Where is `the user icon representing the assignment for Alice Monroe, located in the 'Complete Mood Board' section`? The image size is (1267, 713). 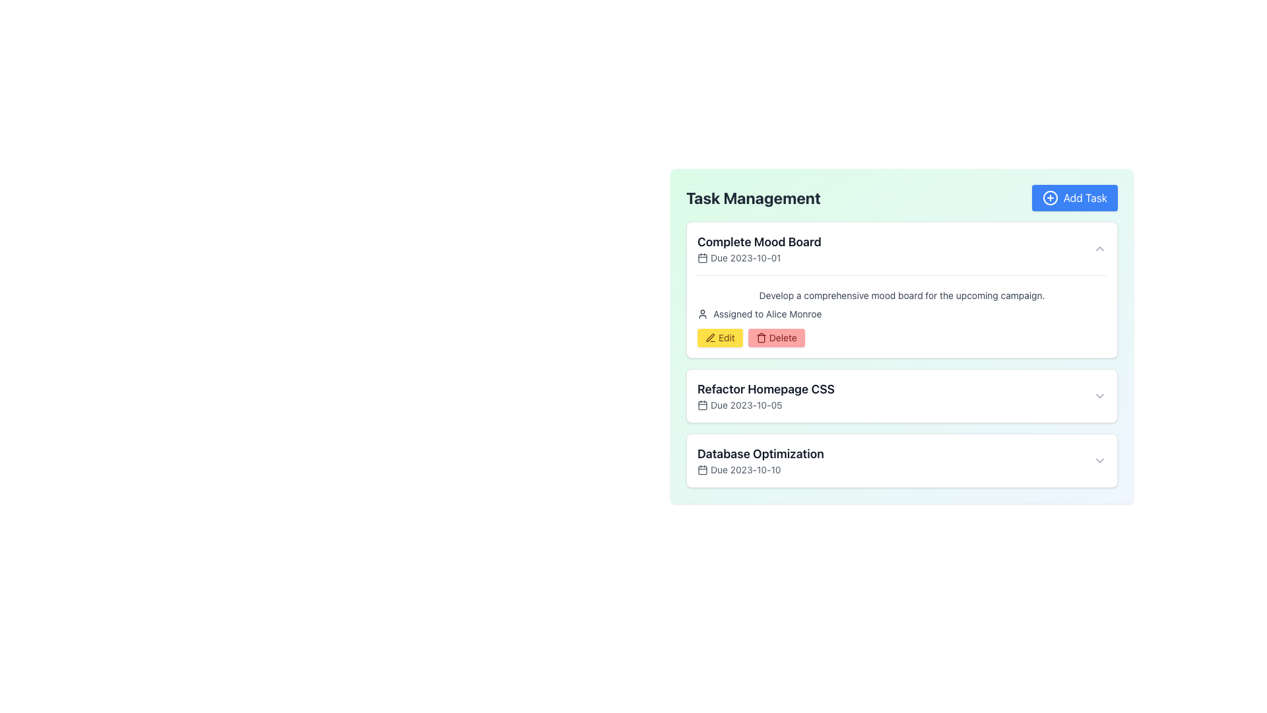
the user icon representing the assignment for Alice Monroe, located in the 'Complete Mood Board' section is located at coordinates (702, 314).